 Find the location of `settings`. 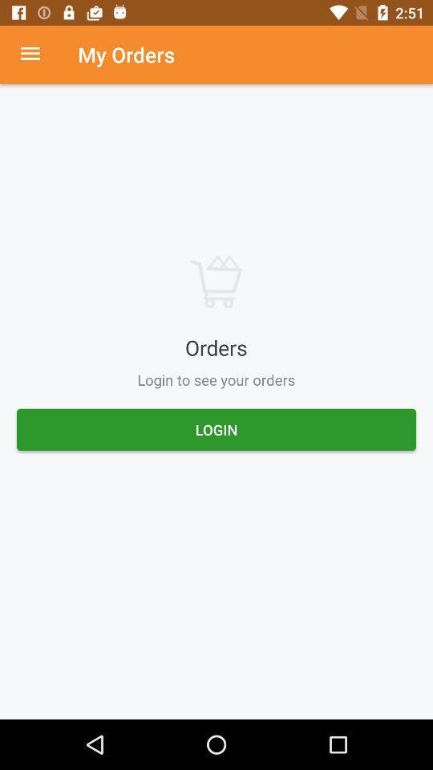

settings is located at coordinates (38, 55).